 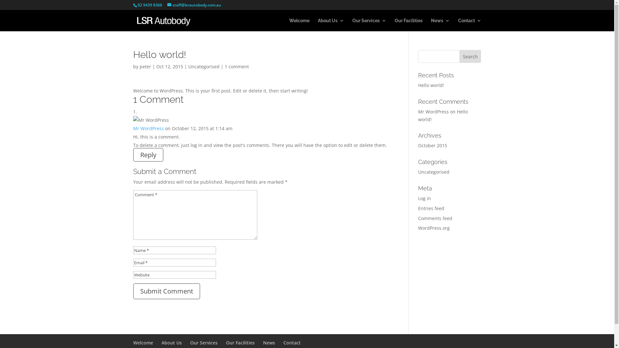 What do you see at coordinates (142, 342) in the screenshot?
I see `'Welcome'` at bounding box center [142, 342].